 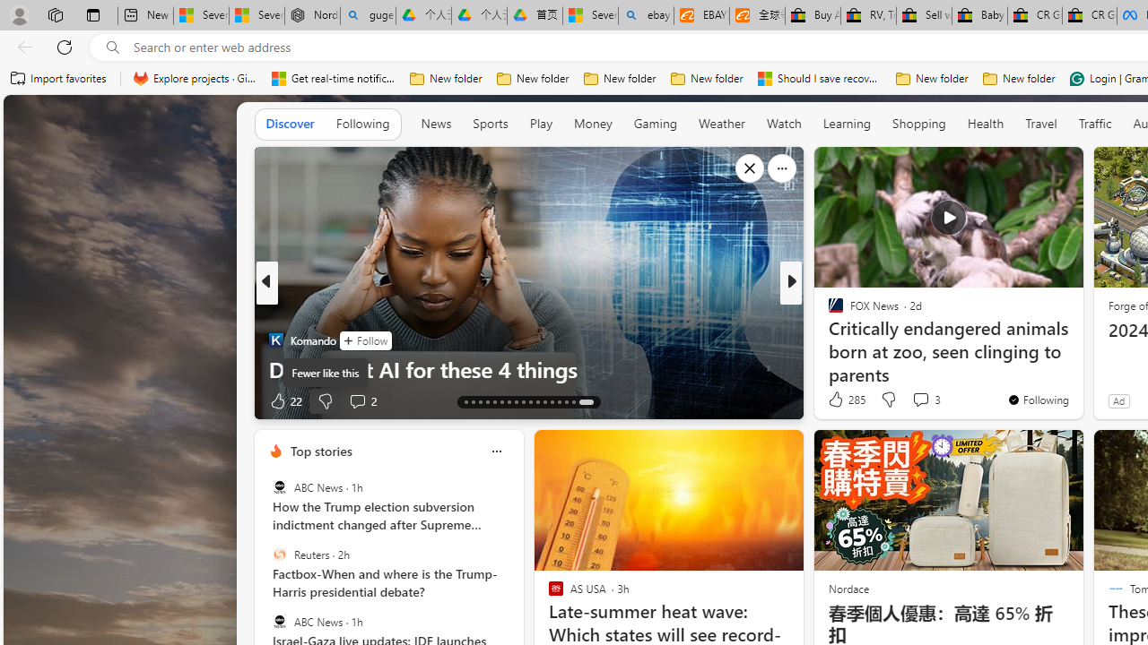 I want to click on 'Reuters', so click(x=278, y=554).